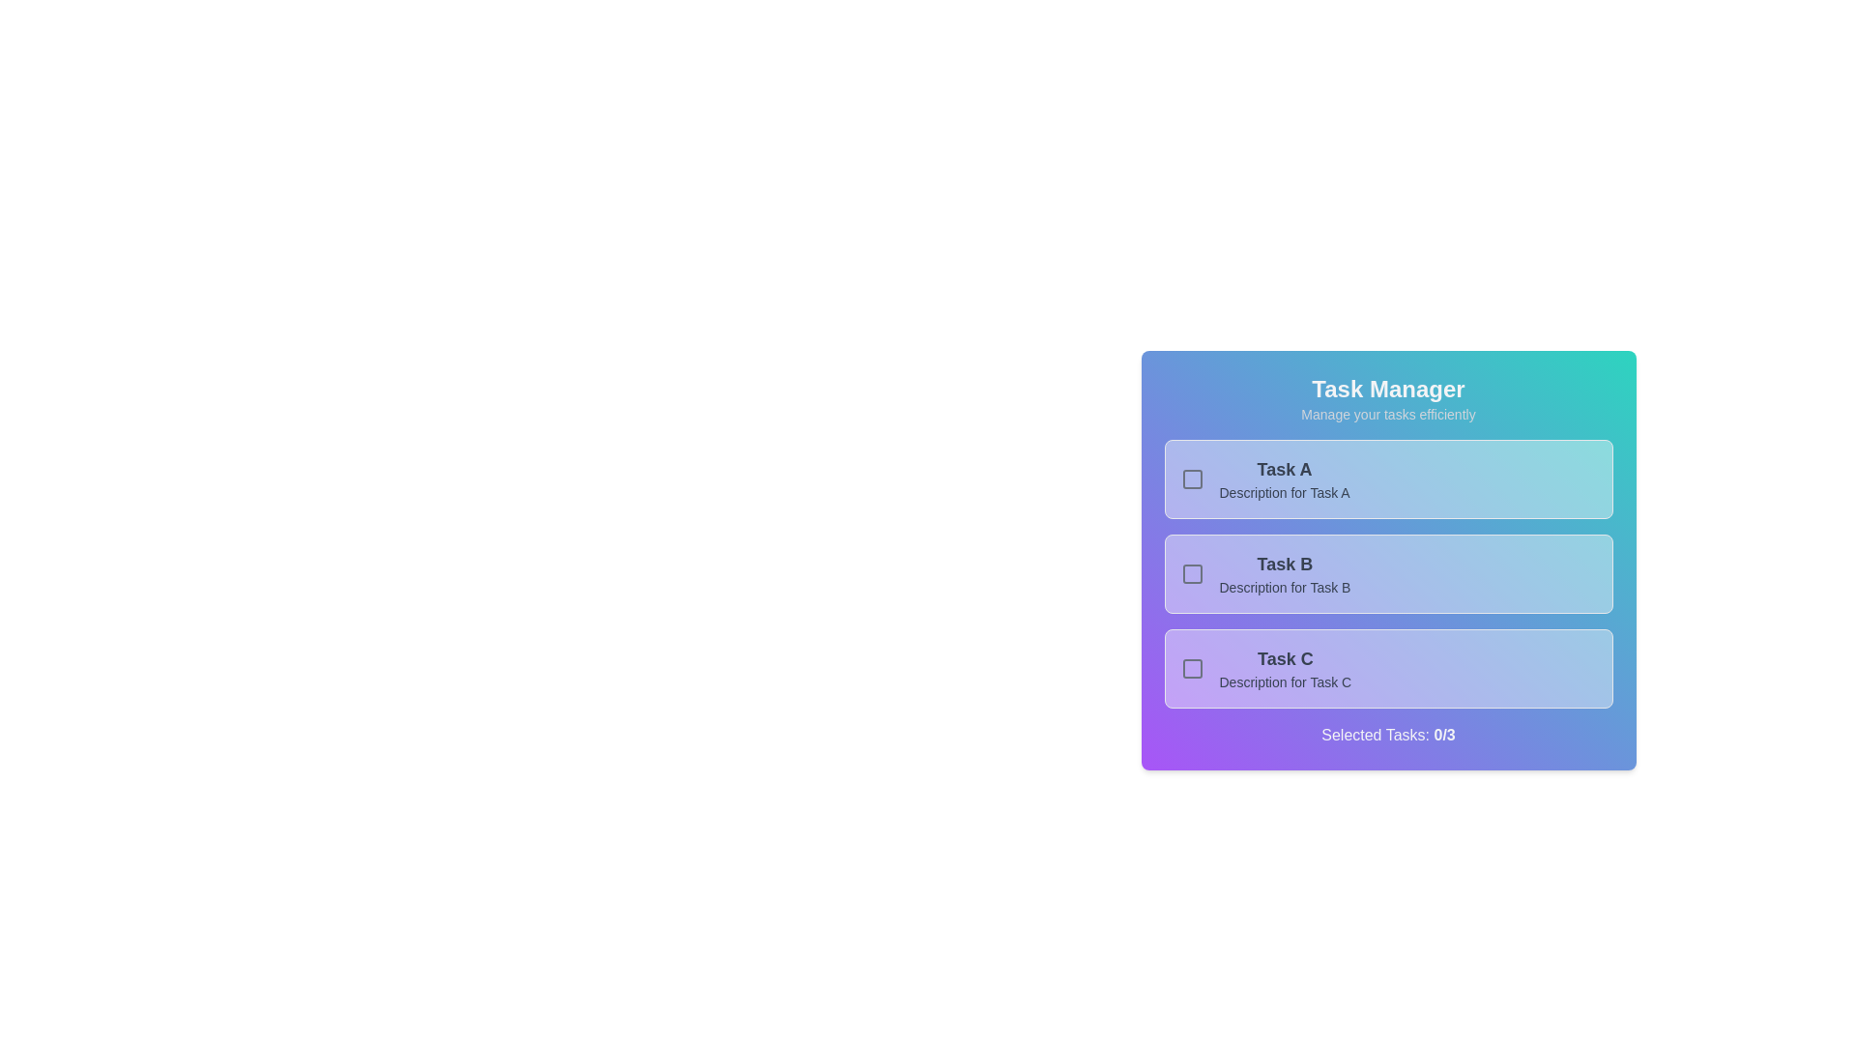 The height and width of the screenshot is (1044, 1856). Describe the element at coordinates (1387, 573) in the screenshot. I see `the task card corresponding to 2` at that location.